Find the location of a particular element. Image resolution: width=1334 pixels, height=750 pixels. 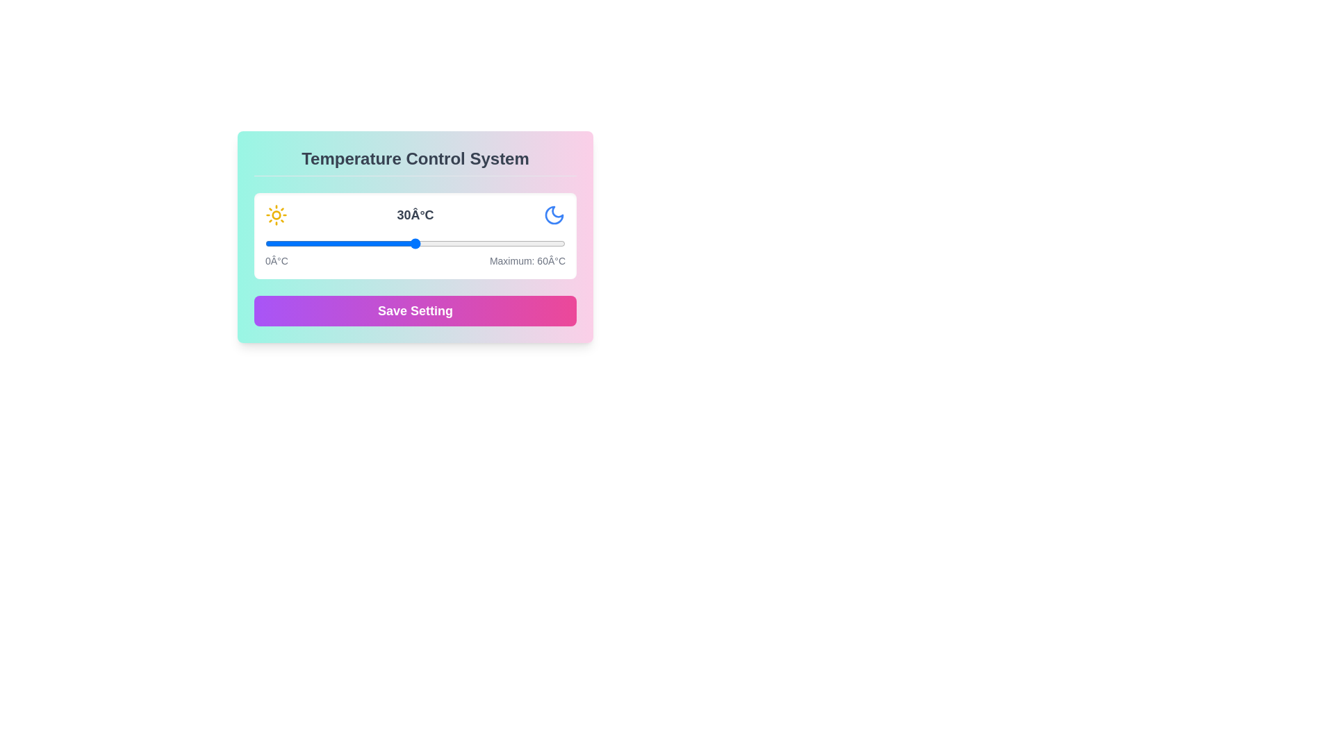

the temperature slider to set the temperature to 48°C is located at coordinates (504, 243).